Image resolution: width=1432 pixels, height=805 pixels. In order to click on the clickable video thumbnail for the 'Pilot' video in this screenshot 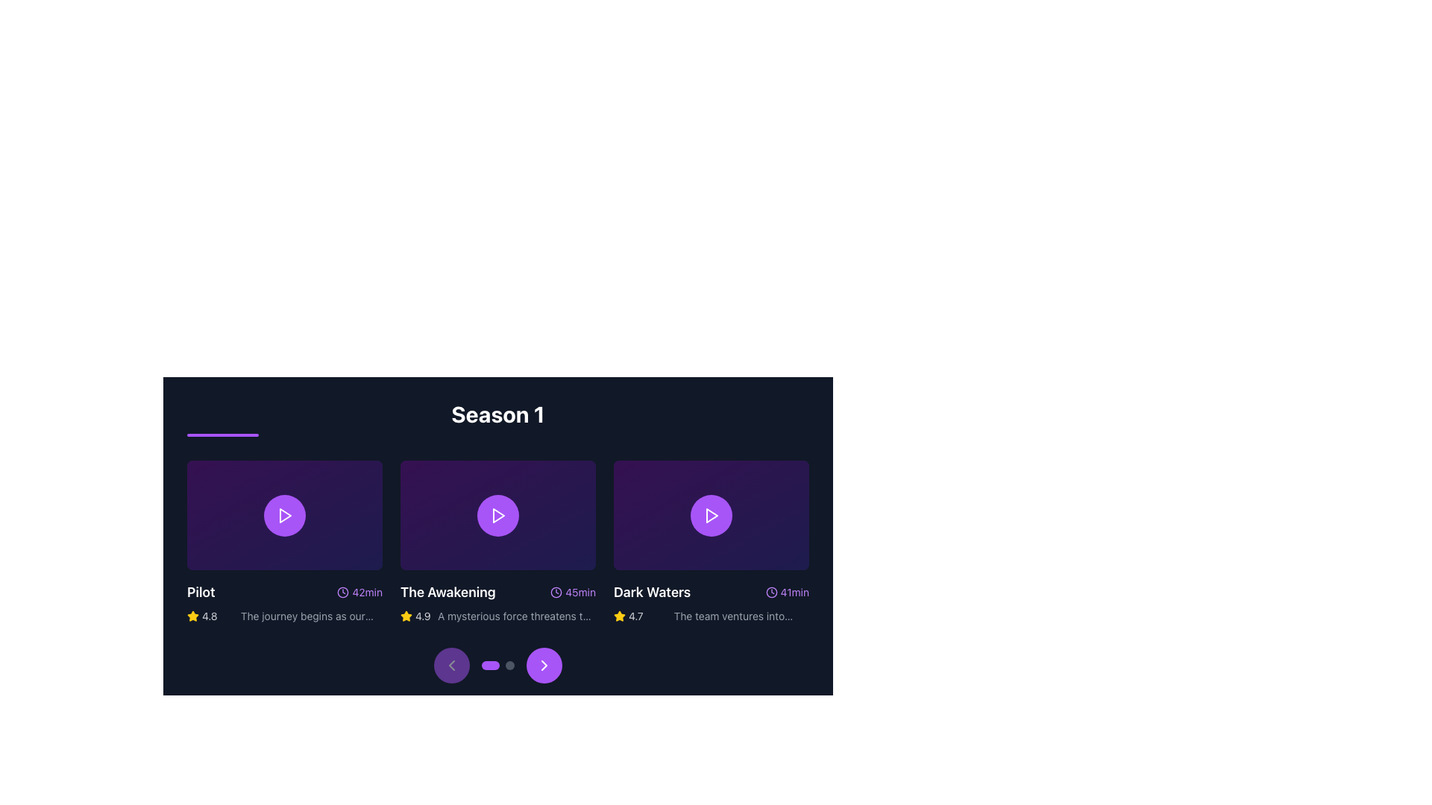, I will do `click(285, 514)`.